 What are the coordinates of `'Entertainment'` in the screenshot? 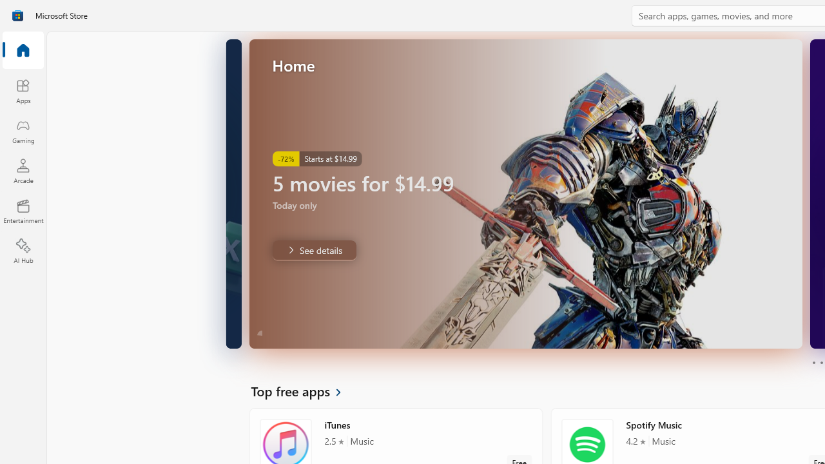 It's located at (23, 210).